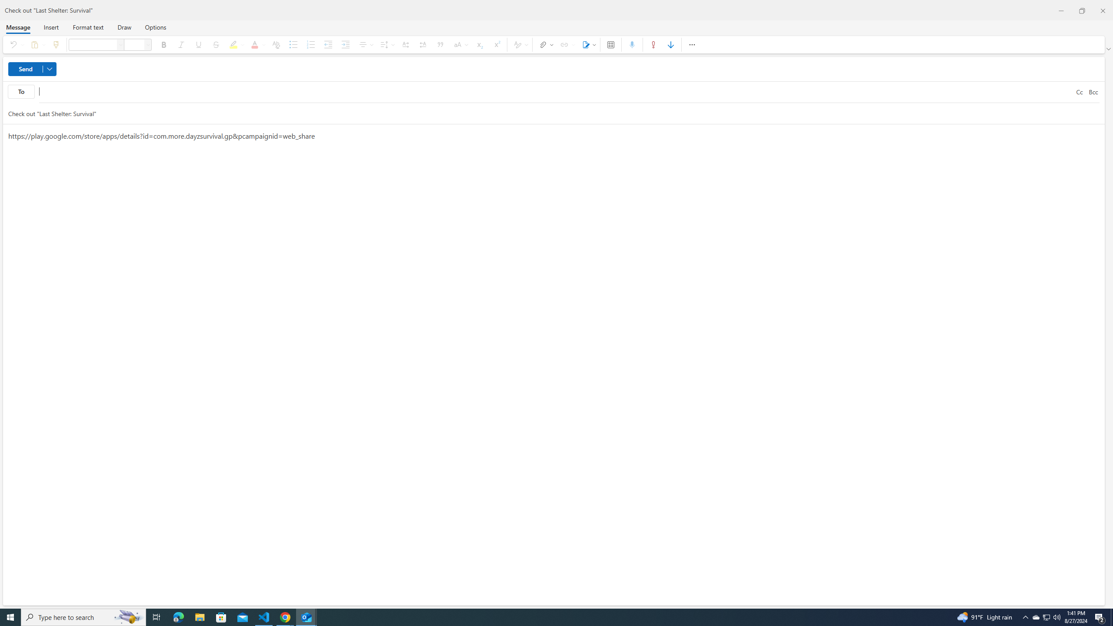  What do you see at coordinates (611, 44) in the screenshot?
I see `'Apps'` at bounding box center [611, 44].